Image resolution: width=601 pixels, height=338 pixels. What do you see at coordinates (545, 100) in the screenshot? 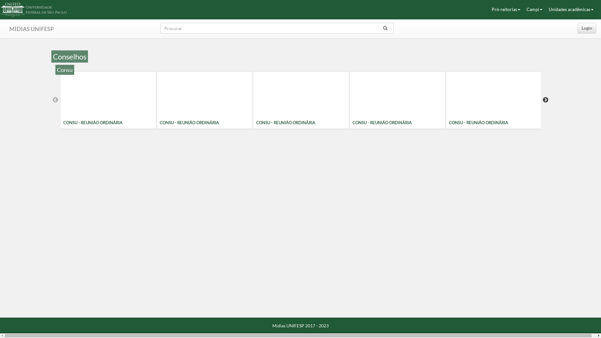
I see `'Next'` at bounding box center [545, 100].